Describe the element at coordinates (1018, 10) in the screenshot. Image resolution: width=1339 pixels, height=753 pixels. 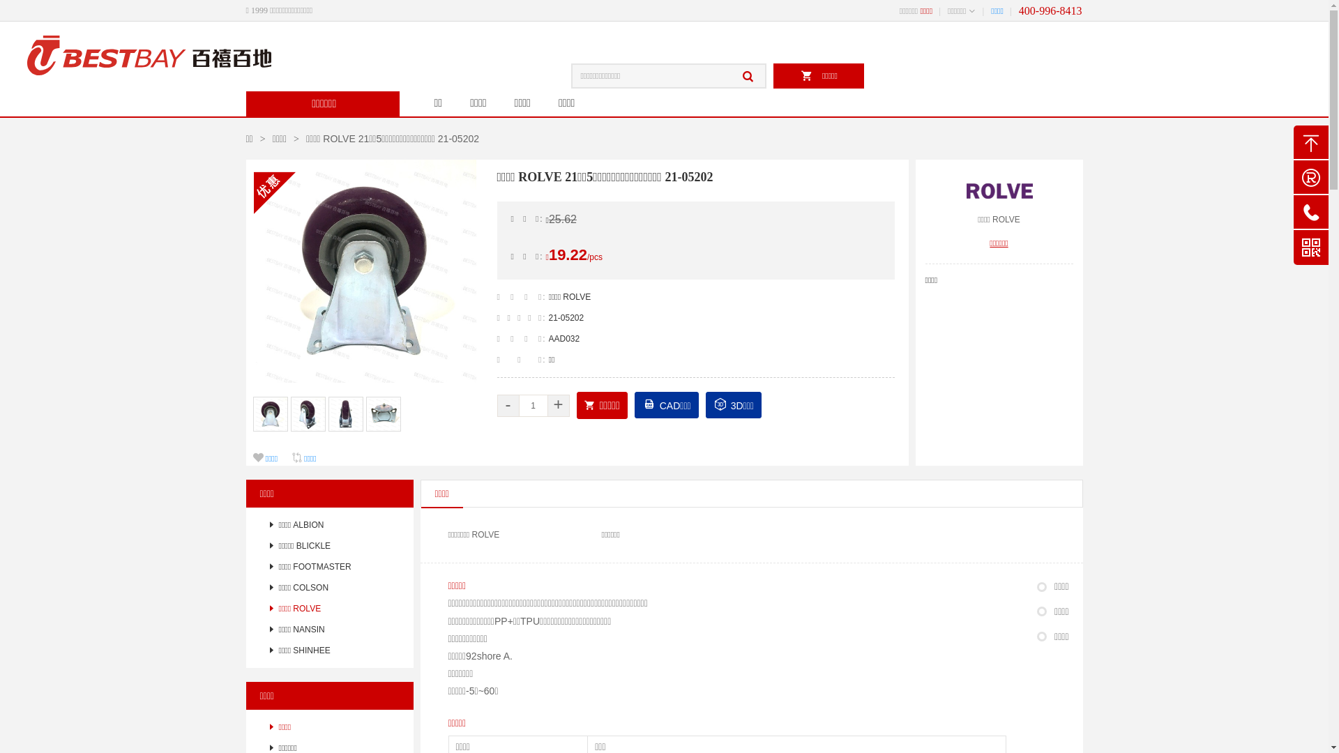
I see `'400-996-8413'` at that location.